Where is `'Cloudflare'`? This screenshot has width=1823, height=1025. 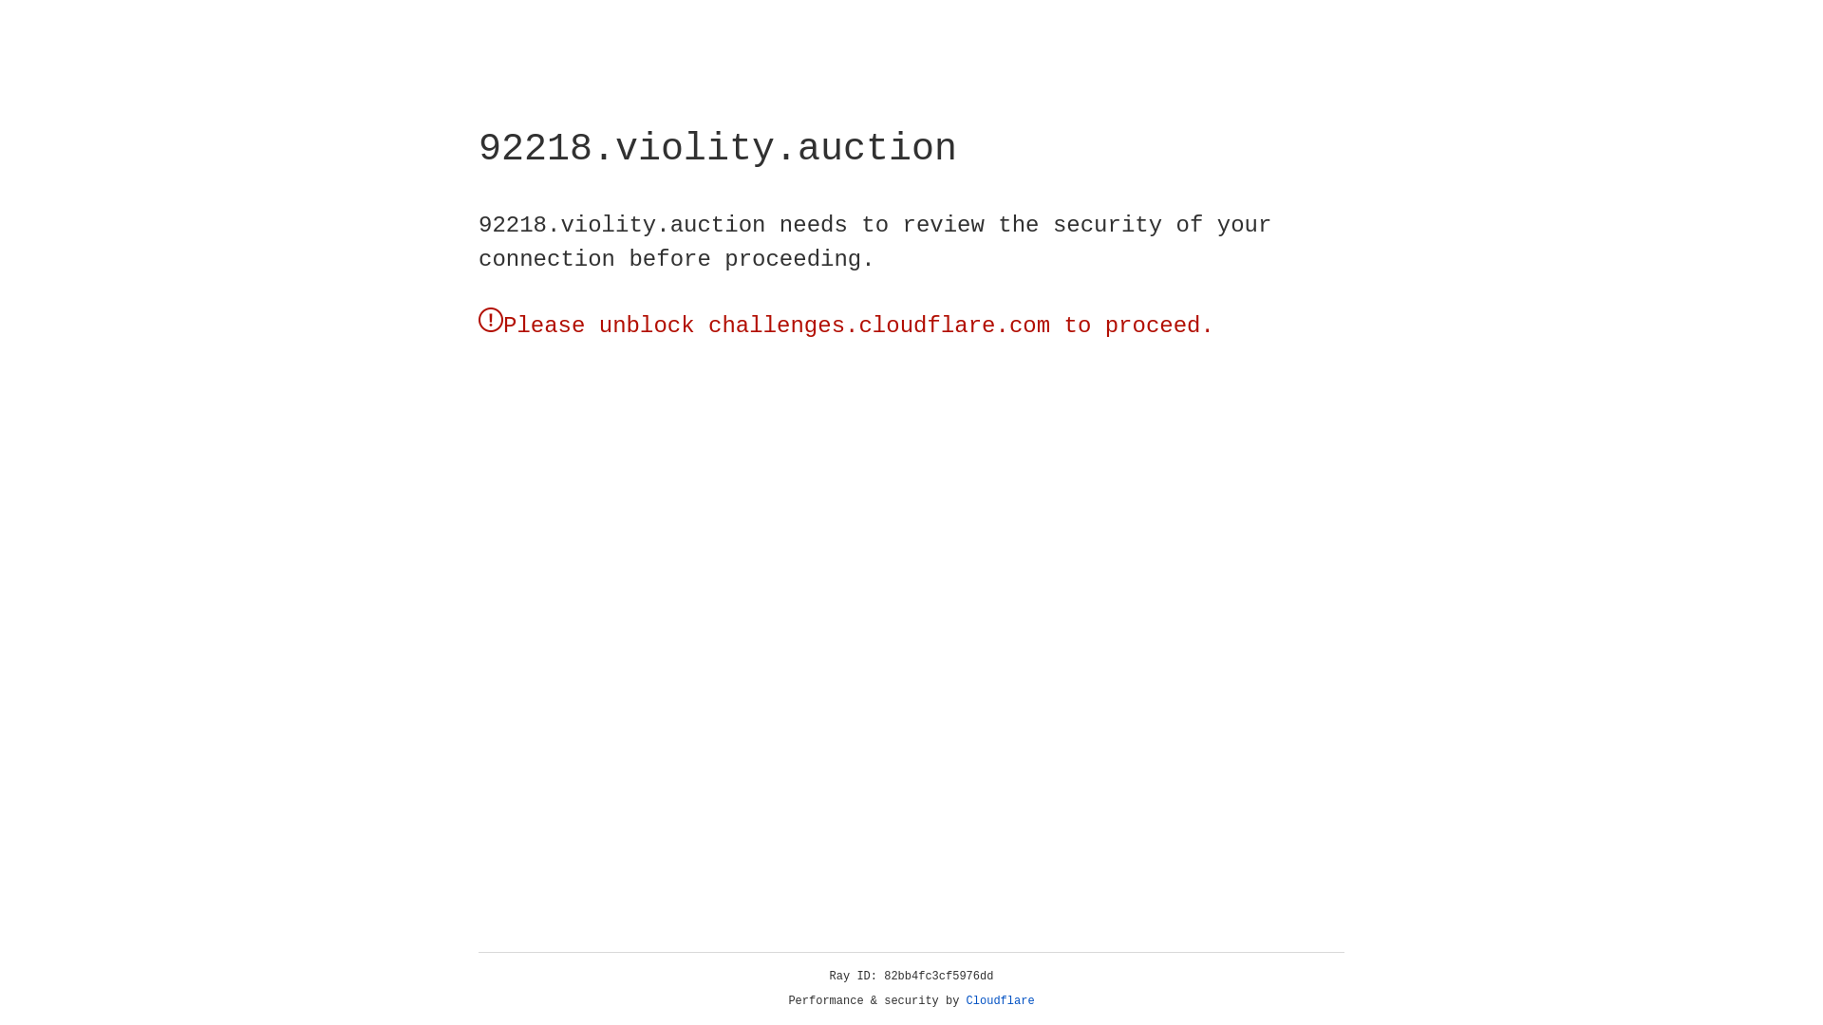
'Cloudflare' is located at coordinates (1000, 1000).